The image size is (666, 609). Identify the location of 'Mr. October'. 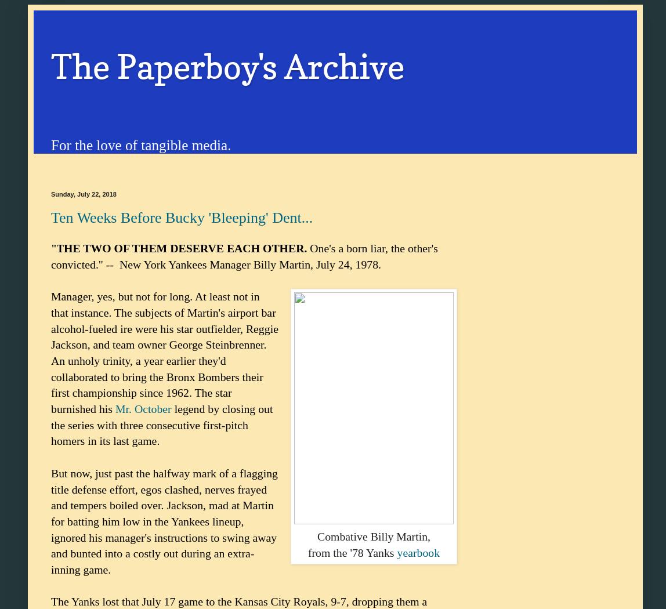
(115, 408).